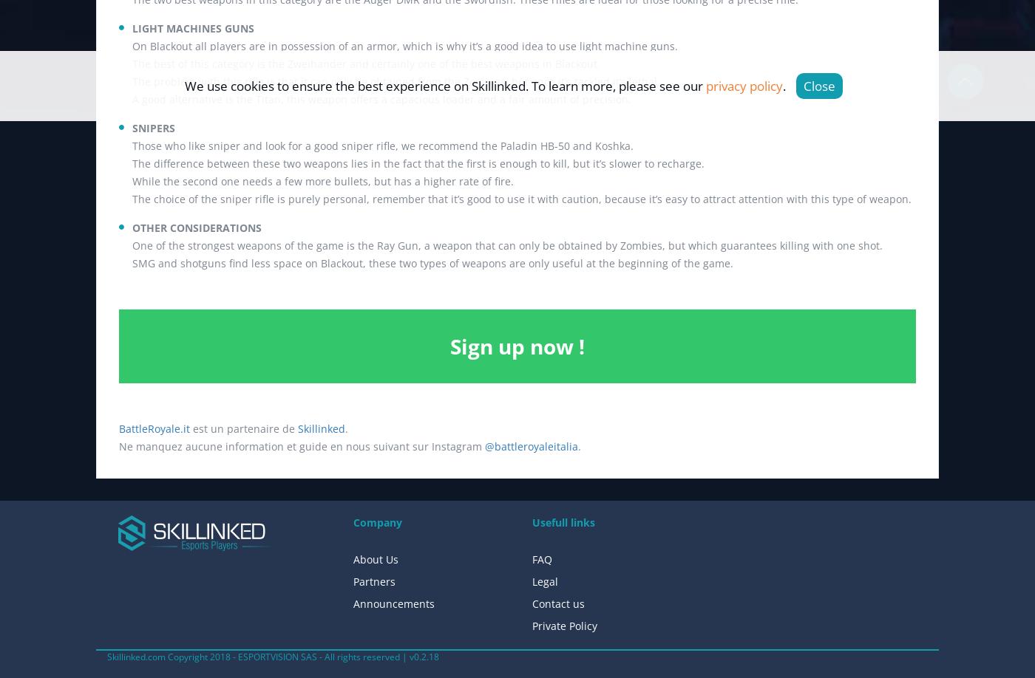  Describe the element at coordinates (375, 558) in the screenshot. I see `'About Us'` at that location.